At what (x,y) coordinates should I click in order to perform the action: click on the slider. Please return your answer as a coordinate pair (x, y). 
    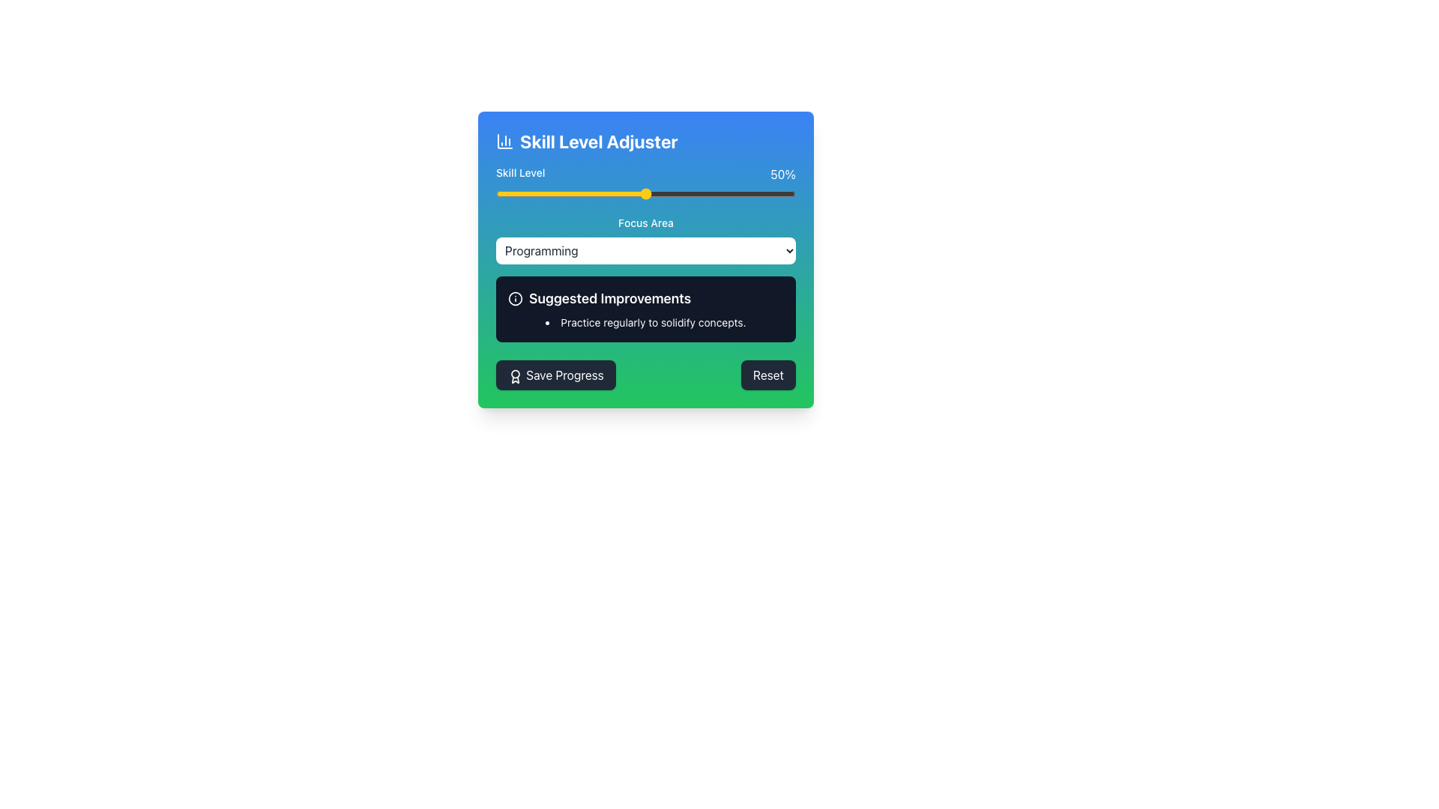
    Looking at the image, I should click on (504, 193).